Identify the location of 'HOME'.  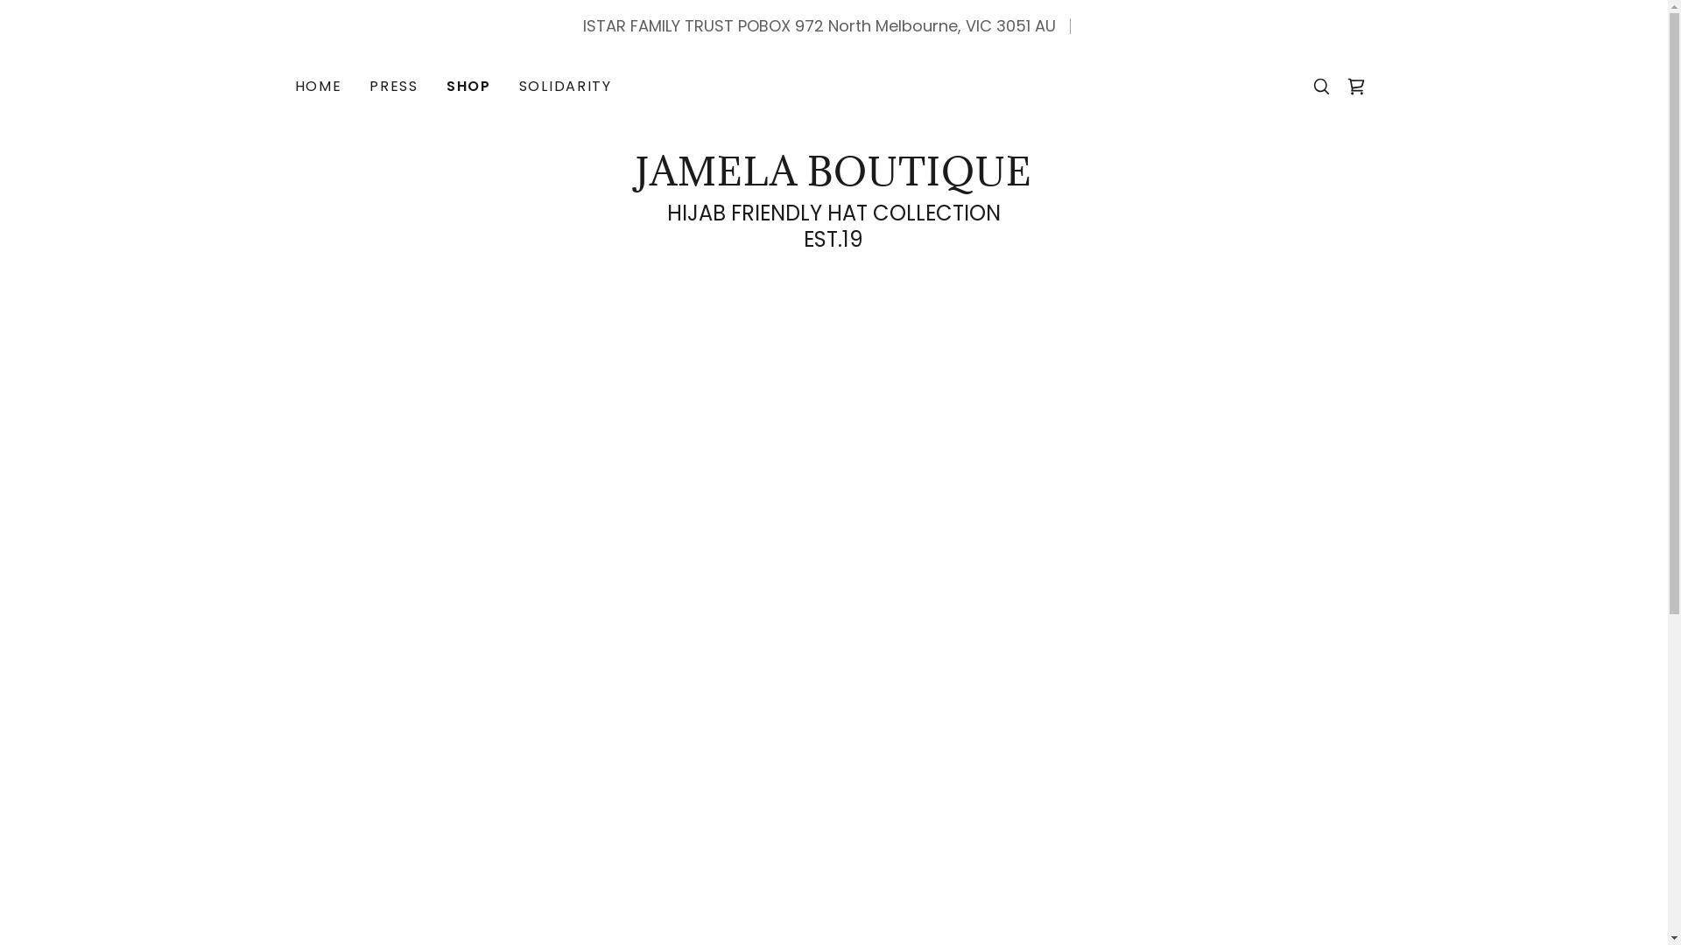
(318, 87).